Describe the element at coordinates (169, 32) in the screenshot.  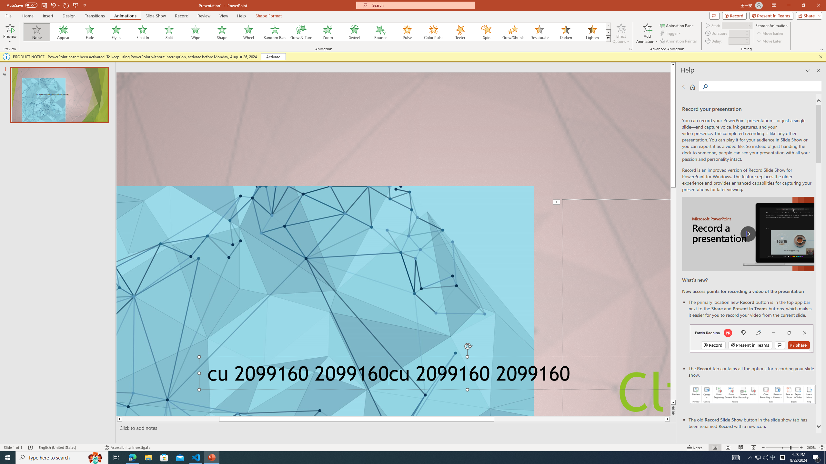
I see `'Split'` at that location.